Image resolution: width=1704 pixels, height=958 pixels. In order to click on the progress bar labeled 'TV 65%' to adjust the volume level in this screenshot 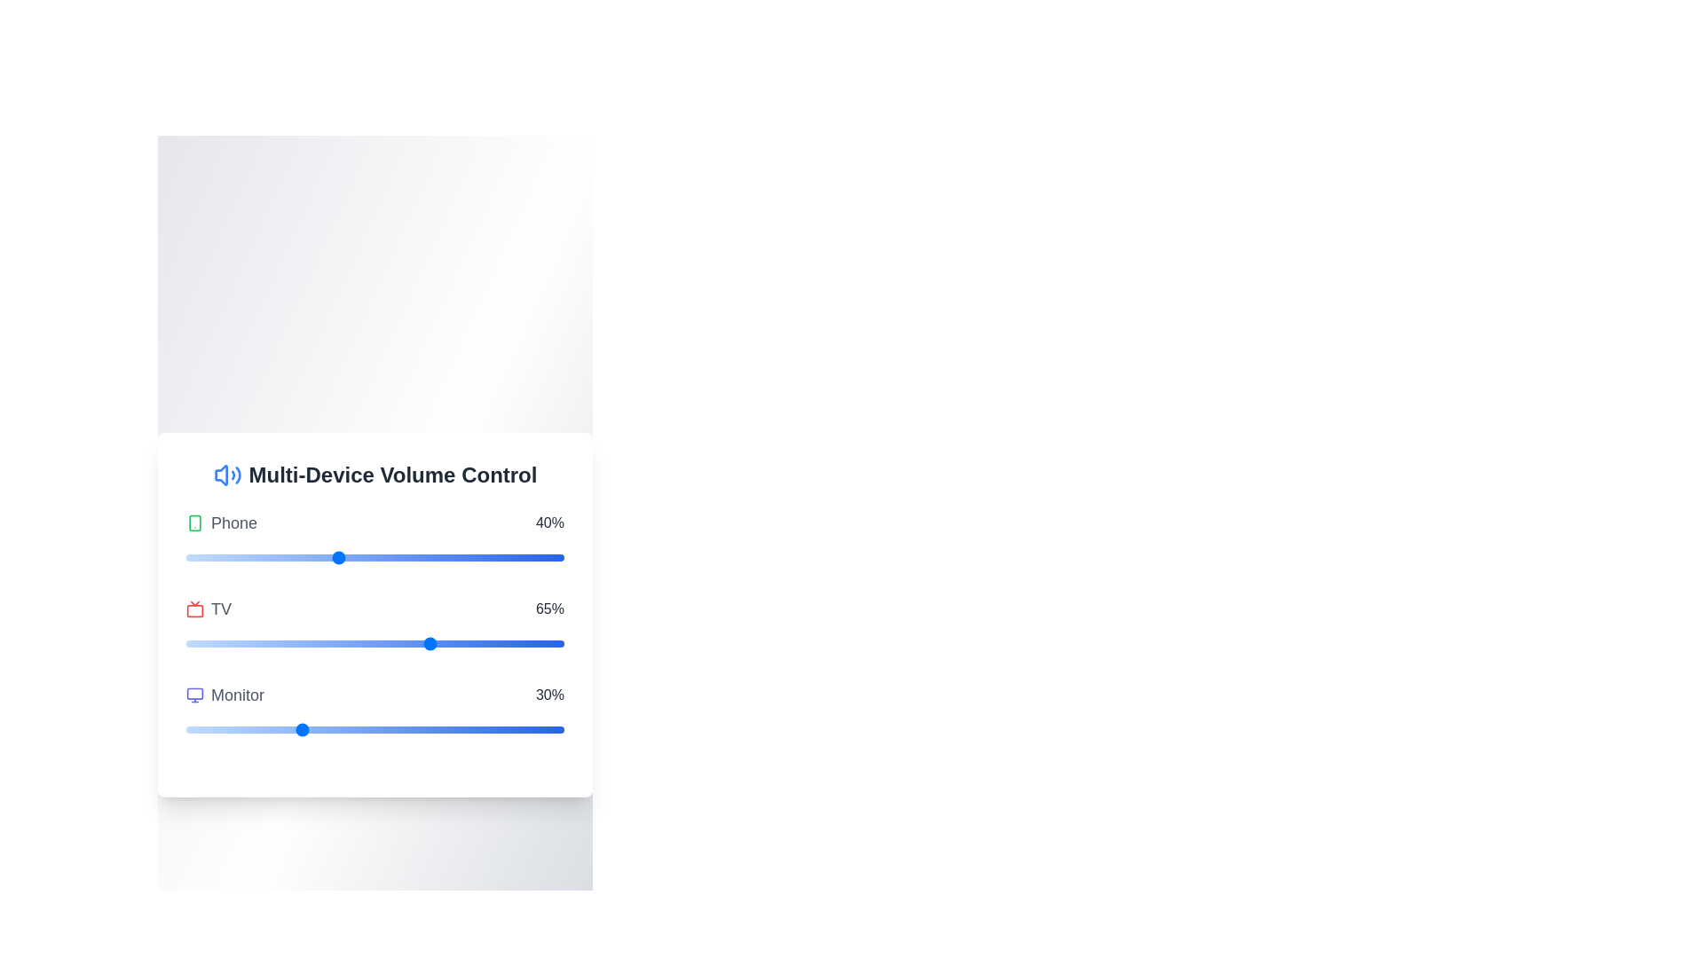, I will do `click(374, 624)`.